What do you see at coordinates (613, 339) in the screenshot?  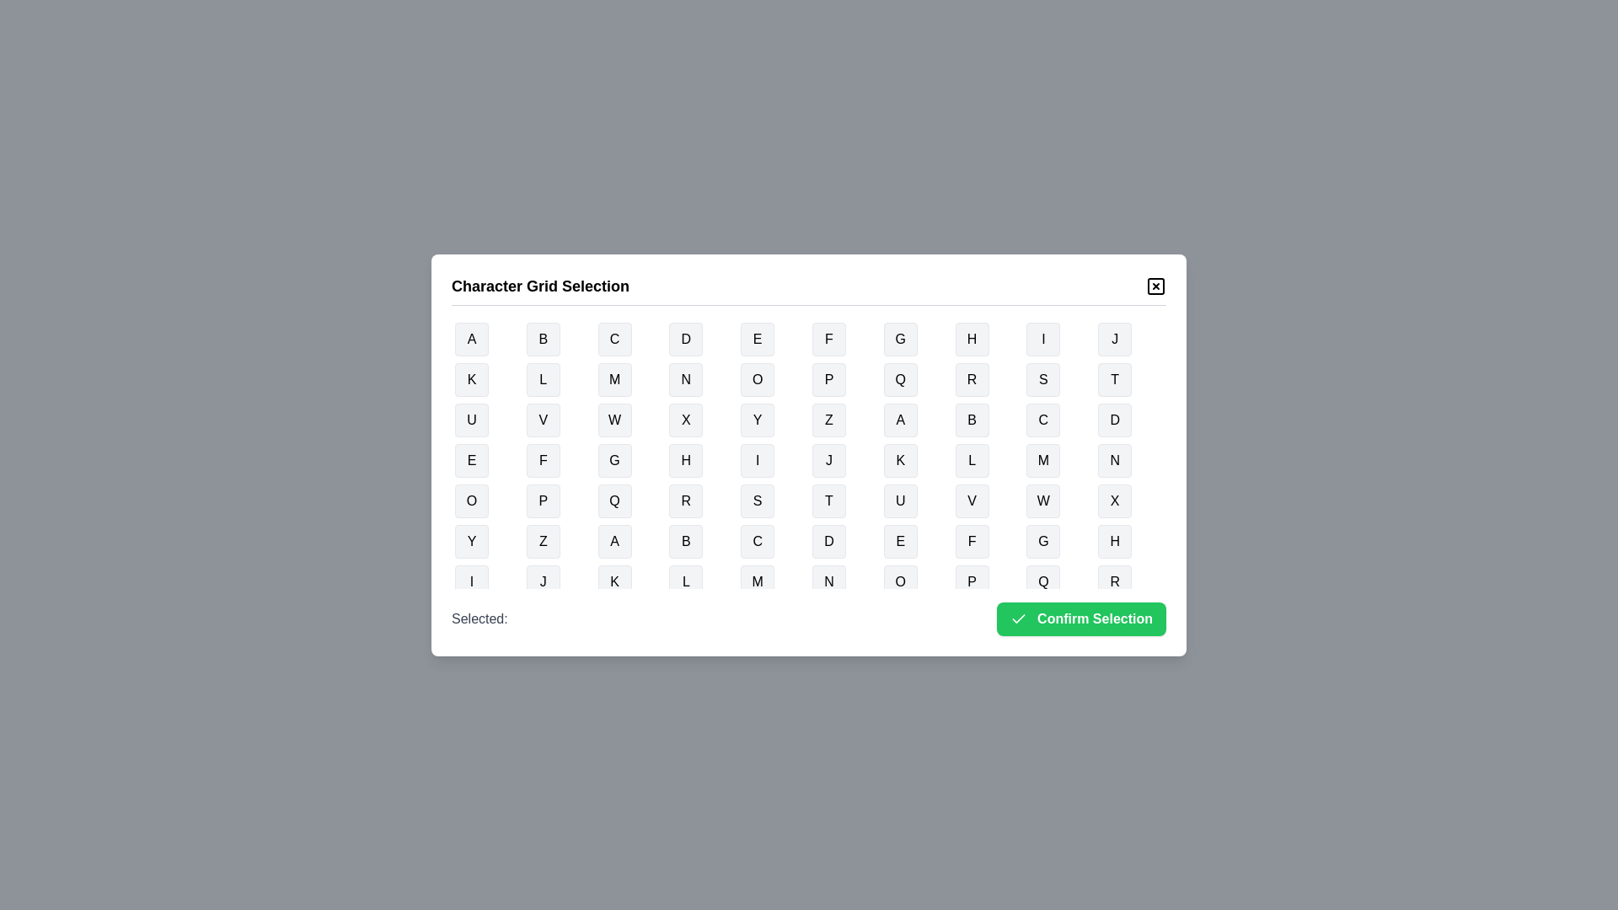 I see `the button representing the character C` at bounding box center [613, 339].